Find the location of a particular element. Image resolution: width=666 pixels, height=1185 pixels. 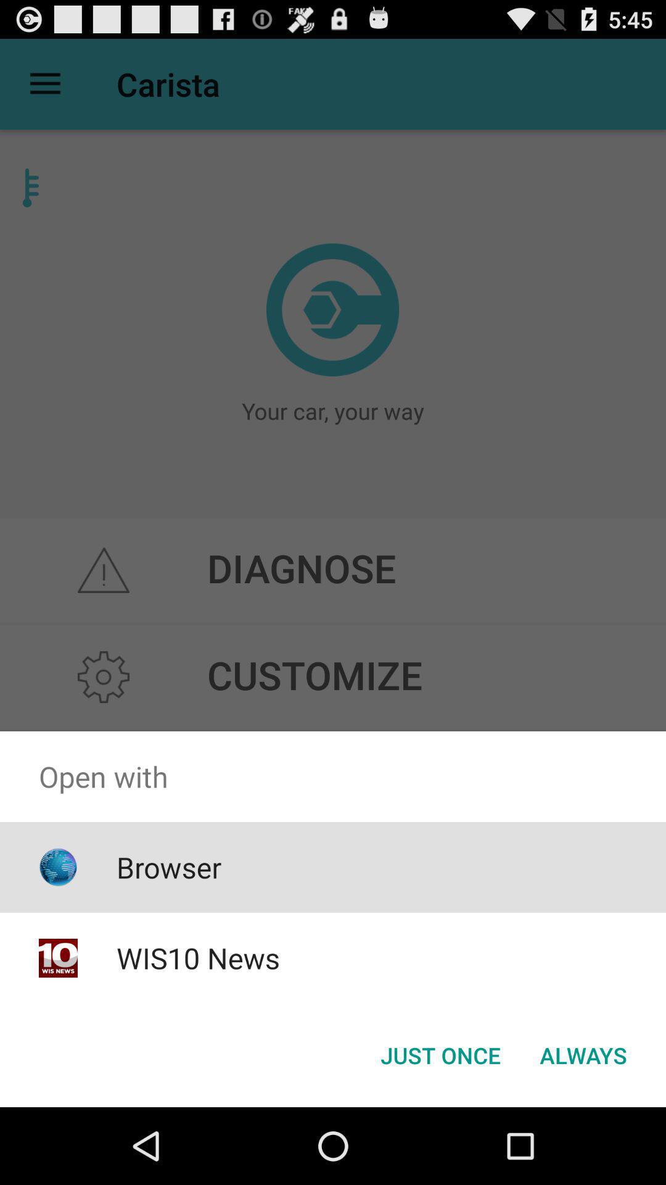

wis10 news app is located at coordinates (197, 957).